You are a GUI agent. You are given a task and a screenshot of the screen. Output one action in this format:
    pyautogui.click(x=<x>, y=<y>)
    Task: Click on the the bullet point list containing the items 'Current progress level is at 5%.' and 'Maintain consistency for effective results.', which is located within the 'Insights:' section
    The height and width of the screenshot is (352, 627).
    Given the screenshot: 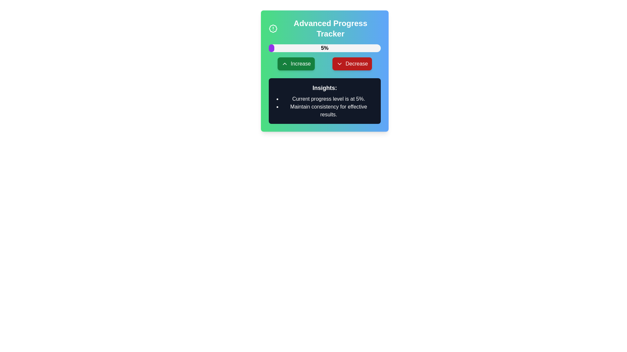 What is the action you would take?
    pyautogui.click(x=325, y=106)
    